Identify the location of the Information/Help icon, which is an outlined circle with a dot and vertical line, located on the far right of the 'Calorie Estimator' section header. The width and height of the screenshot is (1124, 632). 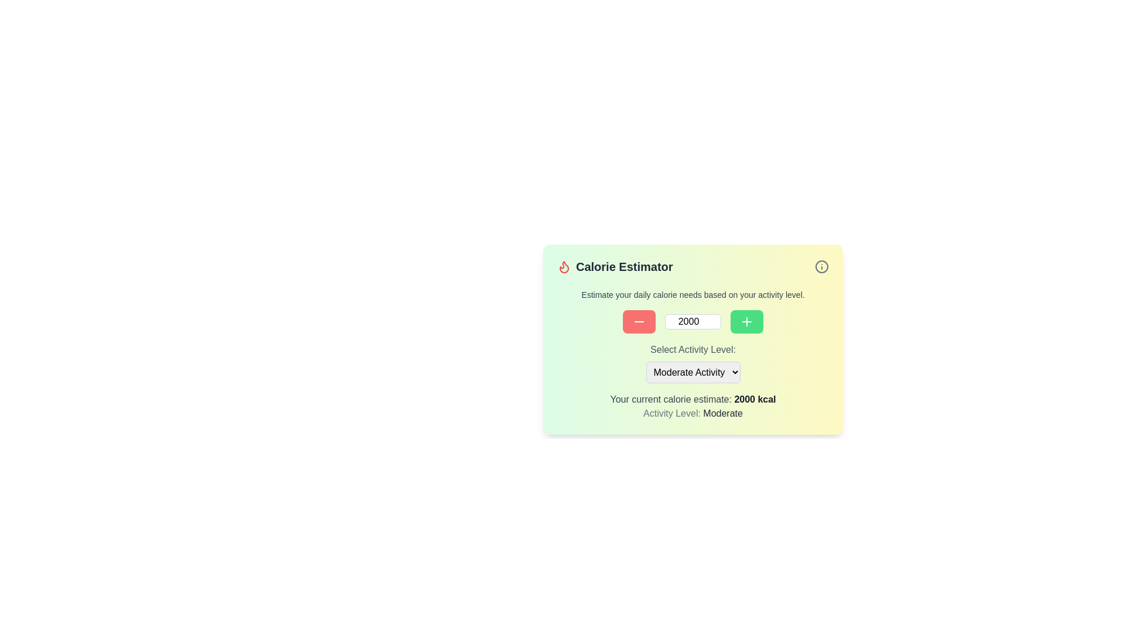
(821, 266).